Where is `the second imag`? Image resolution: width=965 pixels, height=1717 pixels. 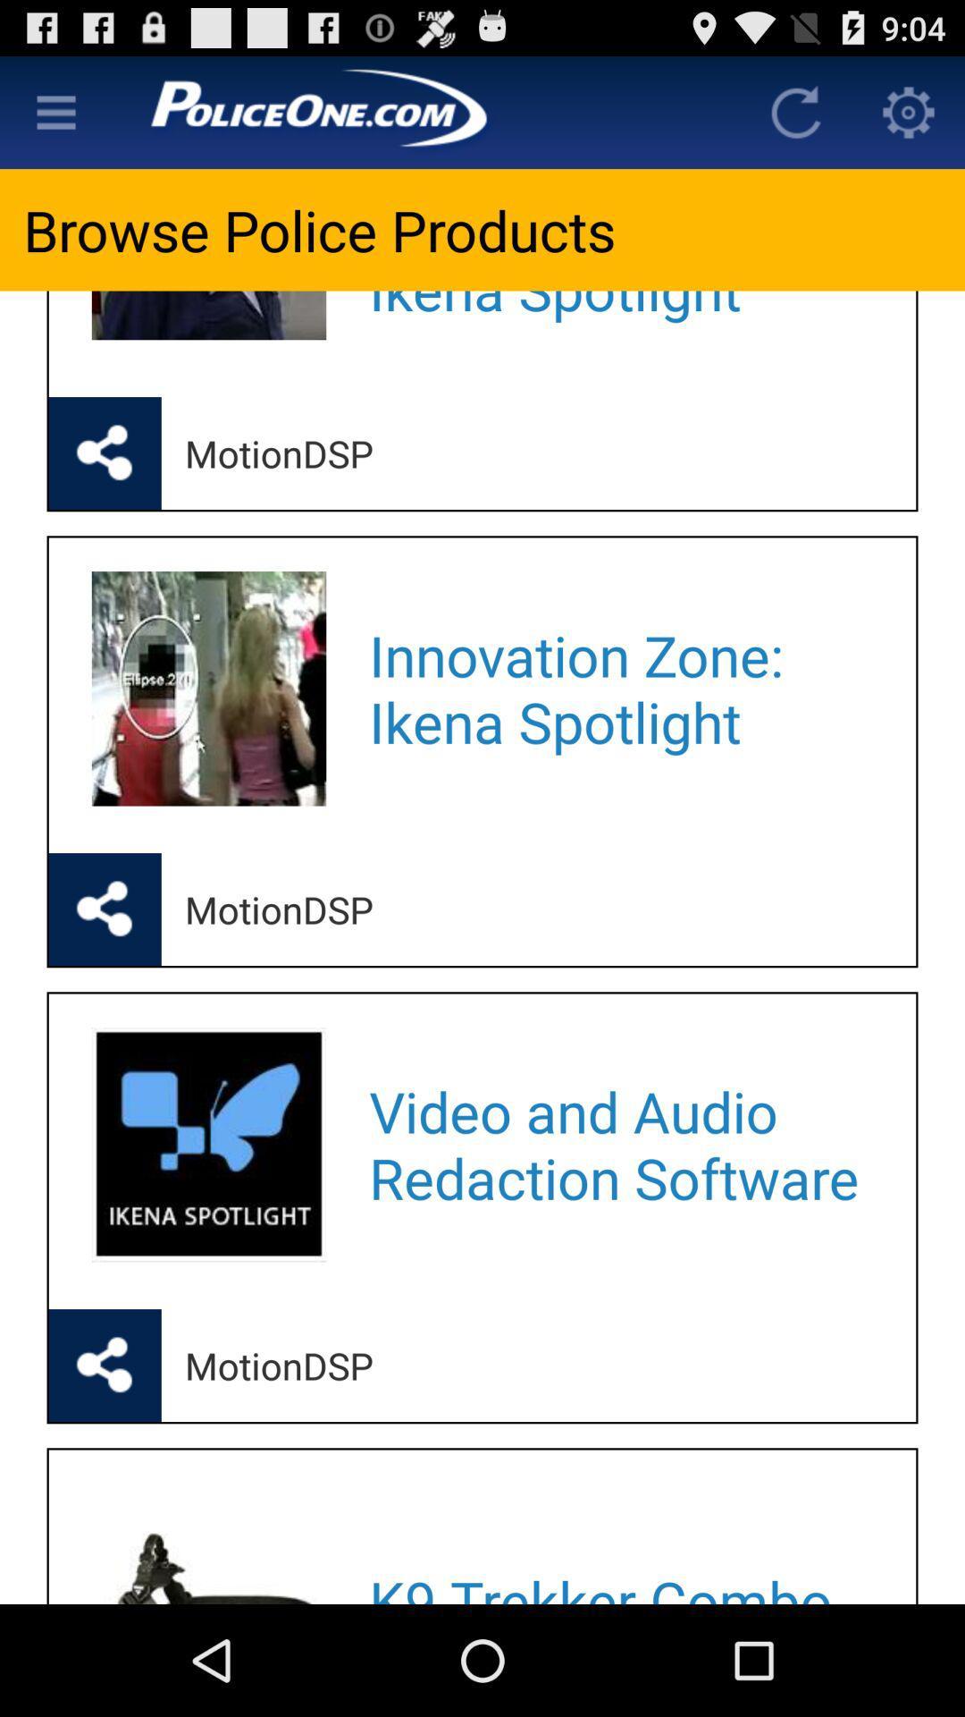
the second imag is located at coordinates (208, 1145).